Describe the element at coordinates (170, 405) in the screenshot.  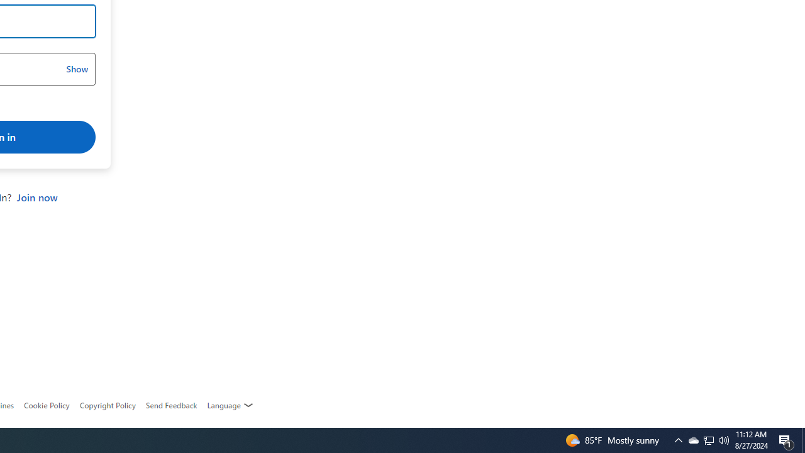
I see `'AutomationID: feedback-request'` at that location.